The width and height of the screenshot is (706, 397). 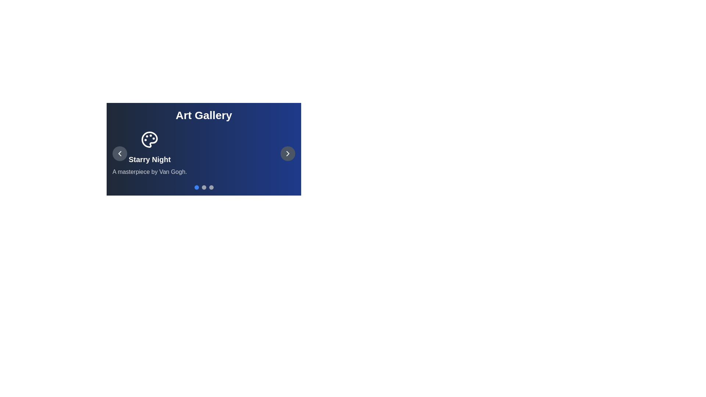 I want to click on the description text of the currently displayed artwork, so click(x=149, y=172).